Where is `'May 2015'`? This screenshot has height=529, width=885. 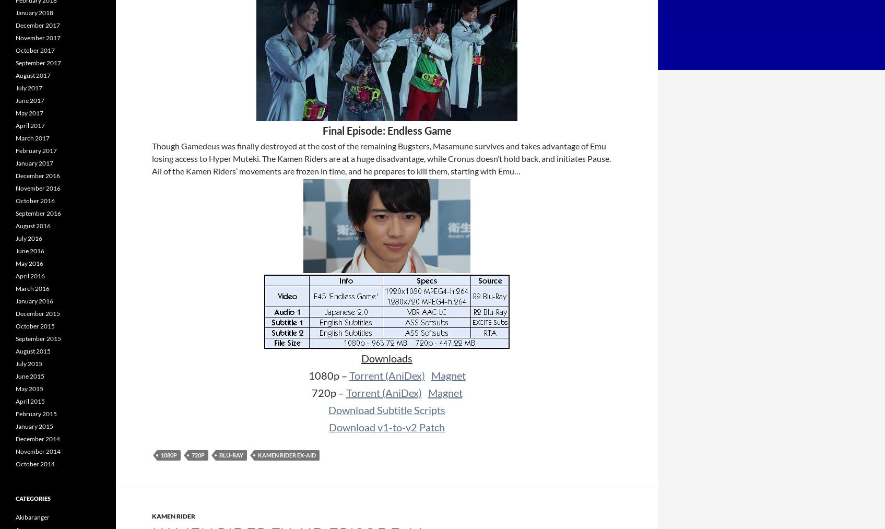 'May 2015' is located at coordinates (16, 389).